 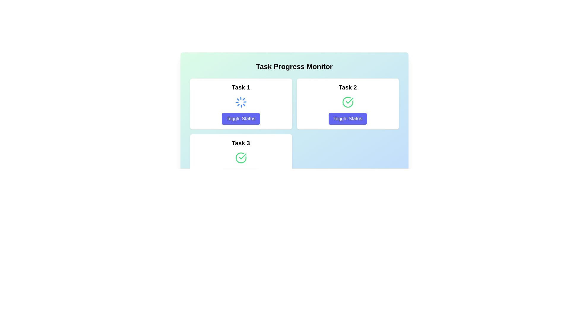 I want to click on the status indicator icon for 'Task 2', so click(x=348, y=102).